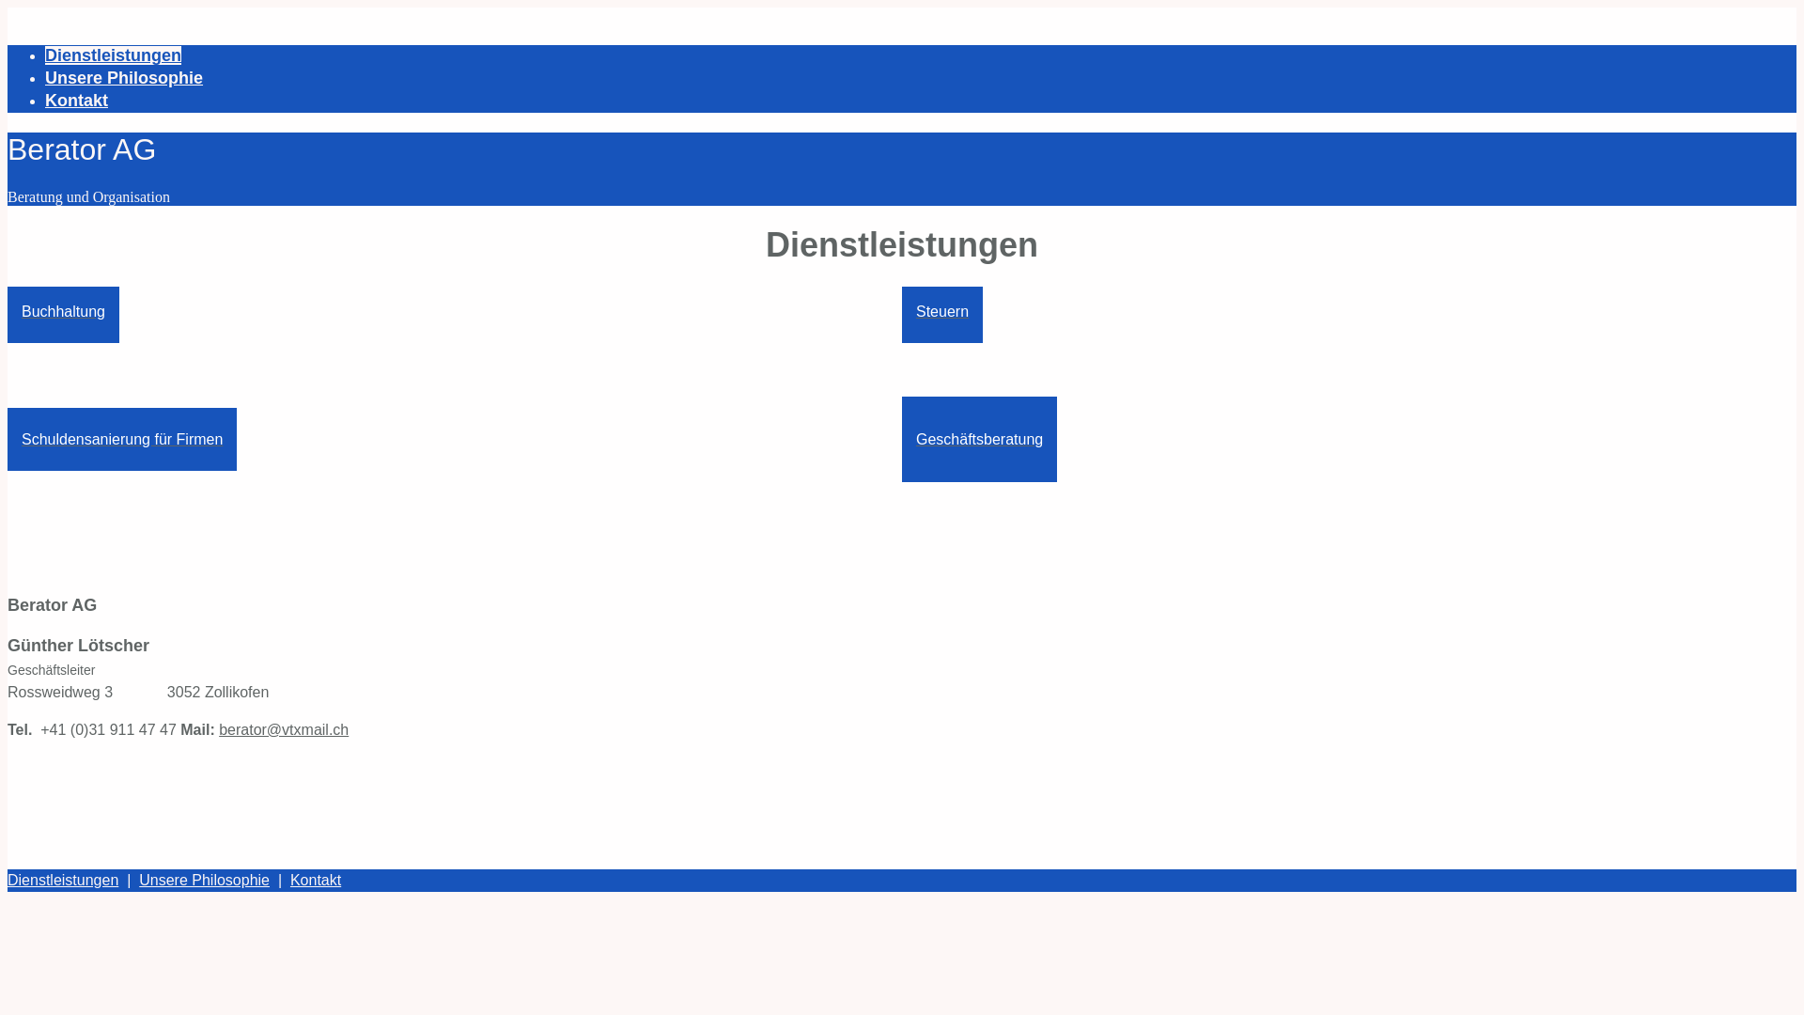 Image resolution: width=1804 pixels, height=1015 pixels. Describe the element at coordinates (123, 77) in the screenshot. I see `'Unsere Philosophie'` at that location.